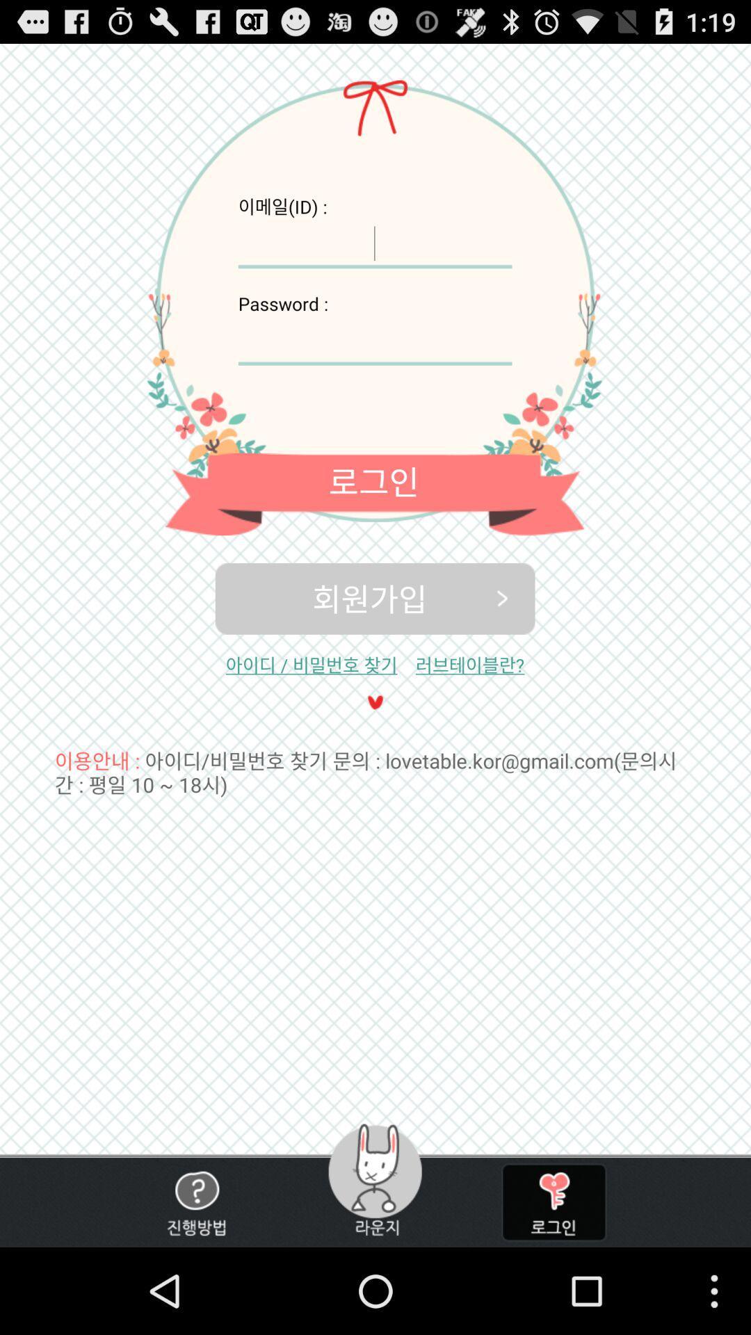 Image resolution: width=751 pixels, height=1335 pixels. I want to click on button at the bottom left corner, so click(196, 1201).